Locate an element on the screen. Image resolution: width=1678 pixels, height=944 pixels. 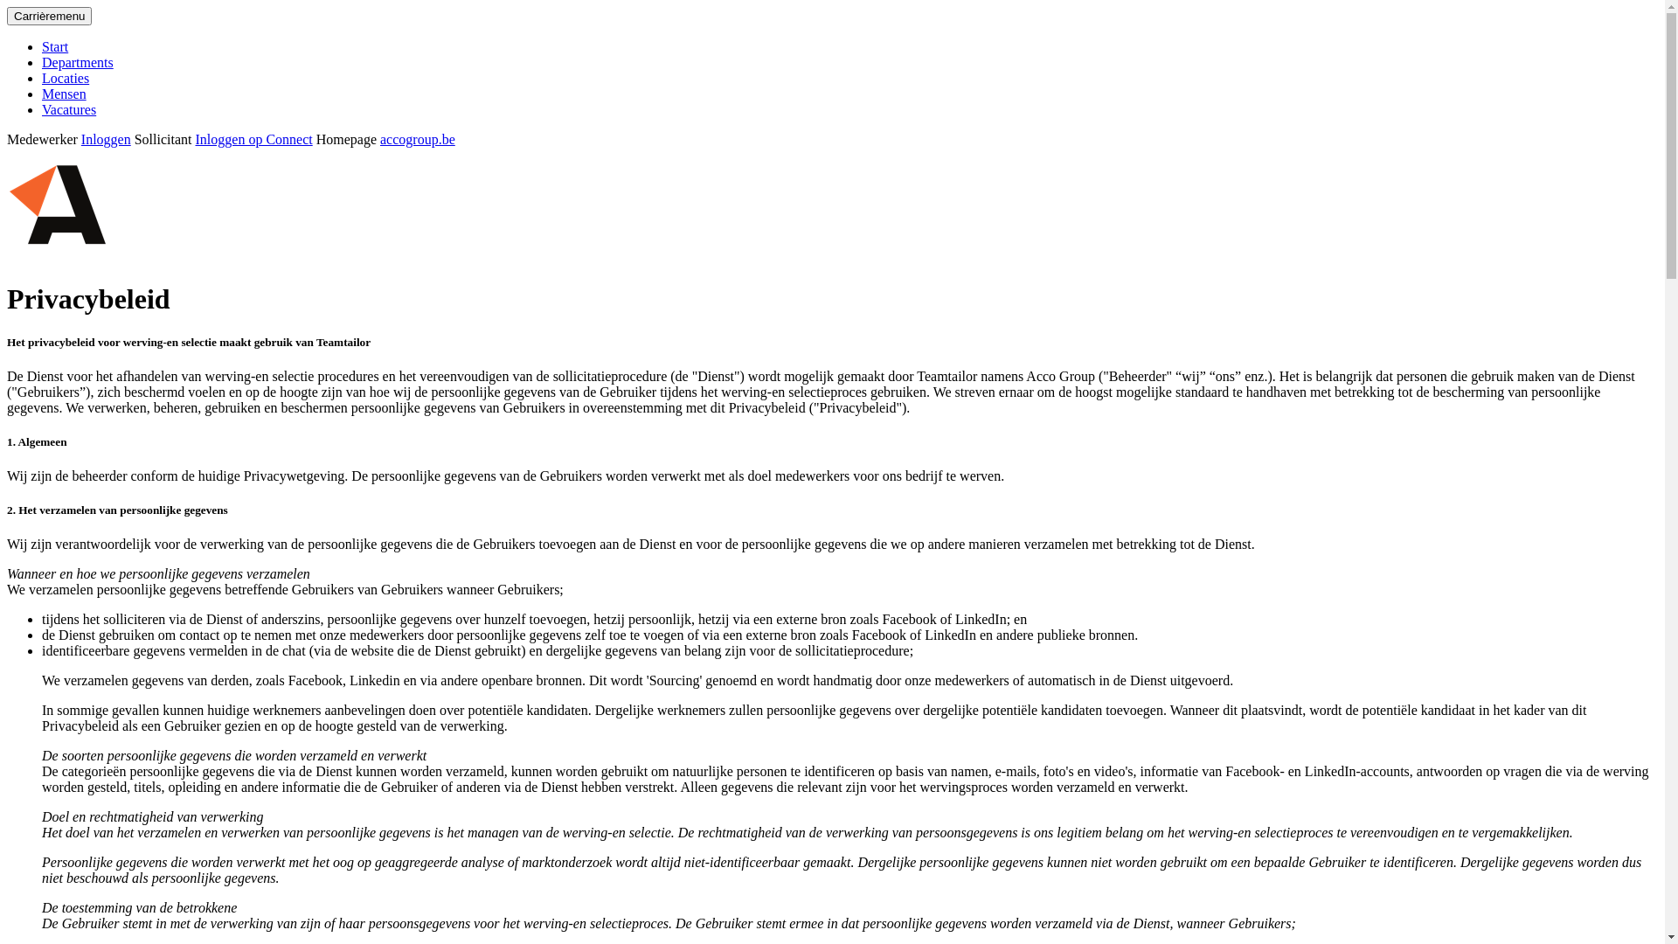
'Locaties' is located at coordinates (66, 77).